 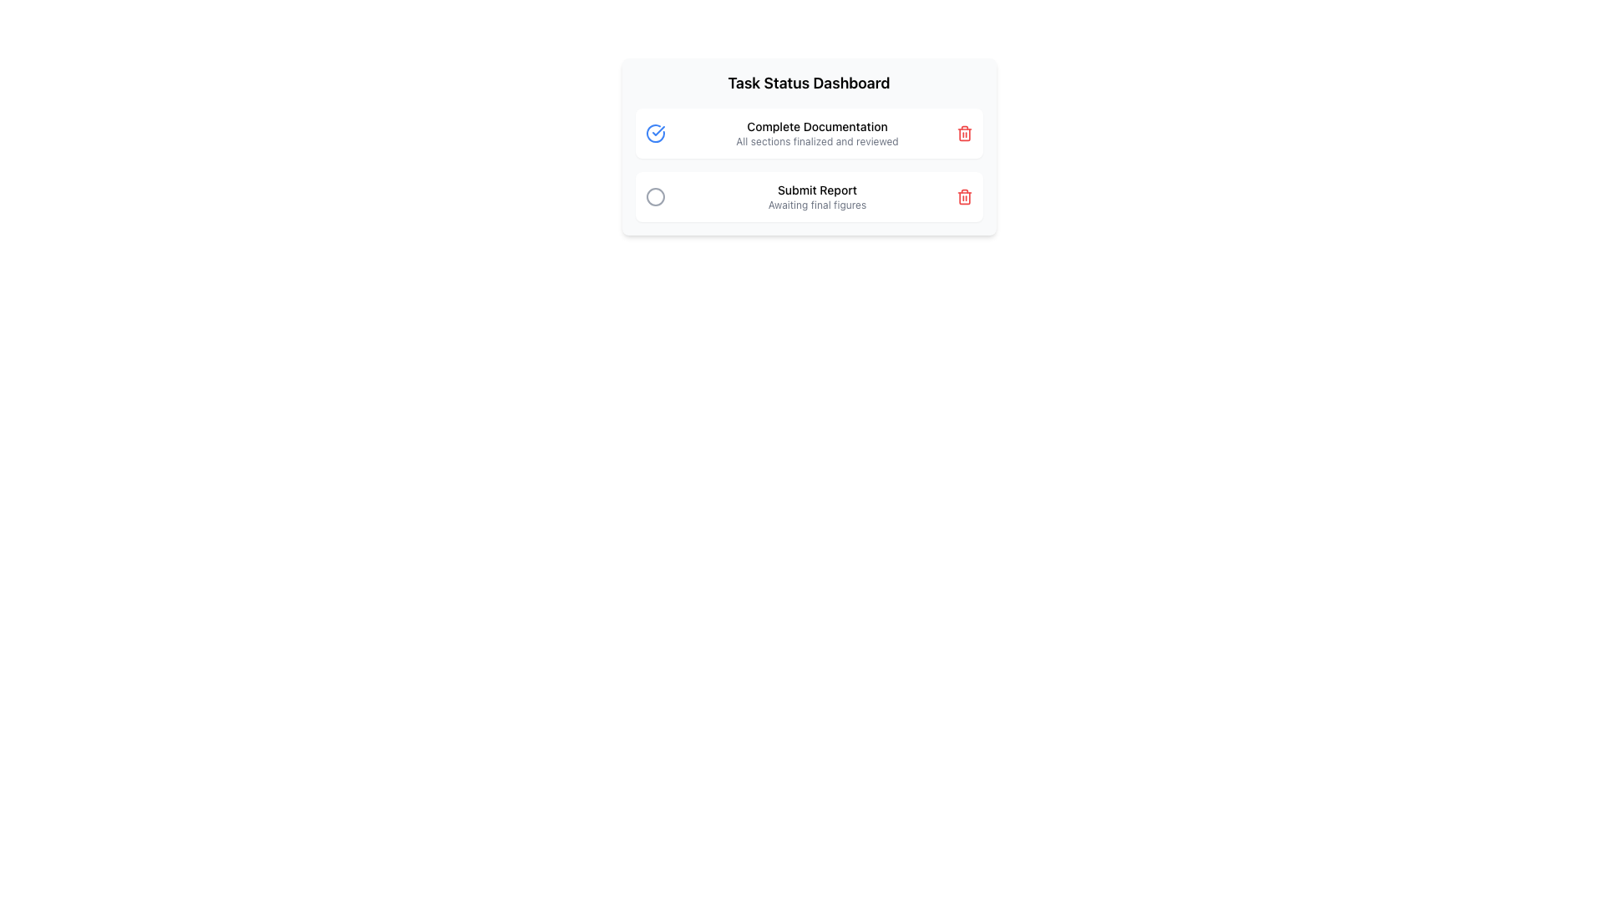 What do you see at coordinates (817, 189) in the screenshot?
I see `the title label indicating the task's name in the middle of the three sections in the vertical task list` at bounding box center [817, 189].